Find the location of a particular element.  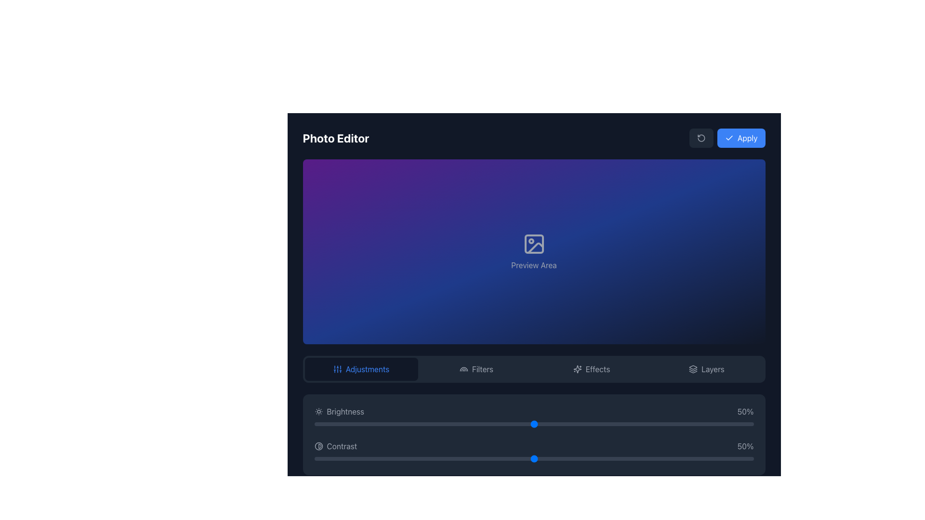

the brightness adjustment label, which is located in the controls section at the bottom of the interface, just above the contrast control in the Adjustments panel is located at coordinates (339, 412).